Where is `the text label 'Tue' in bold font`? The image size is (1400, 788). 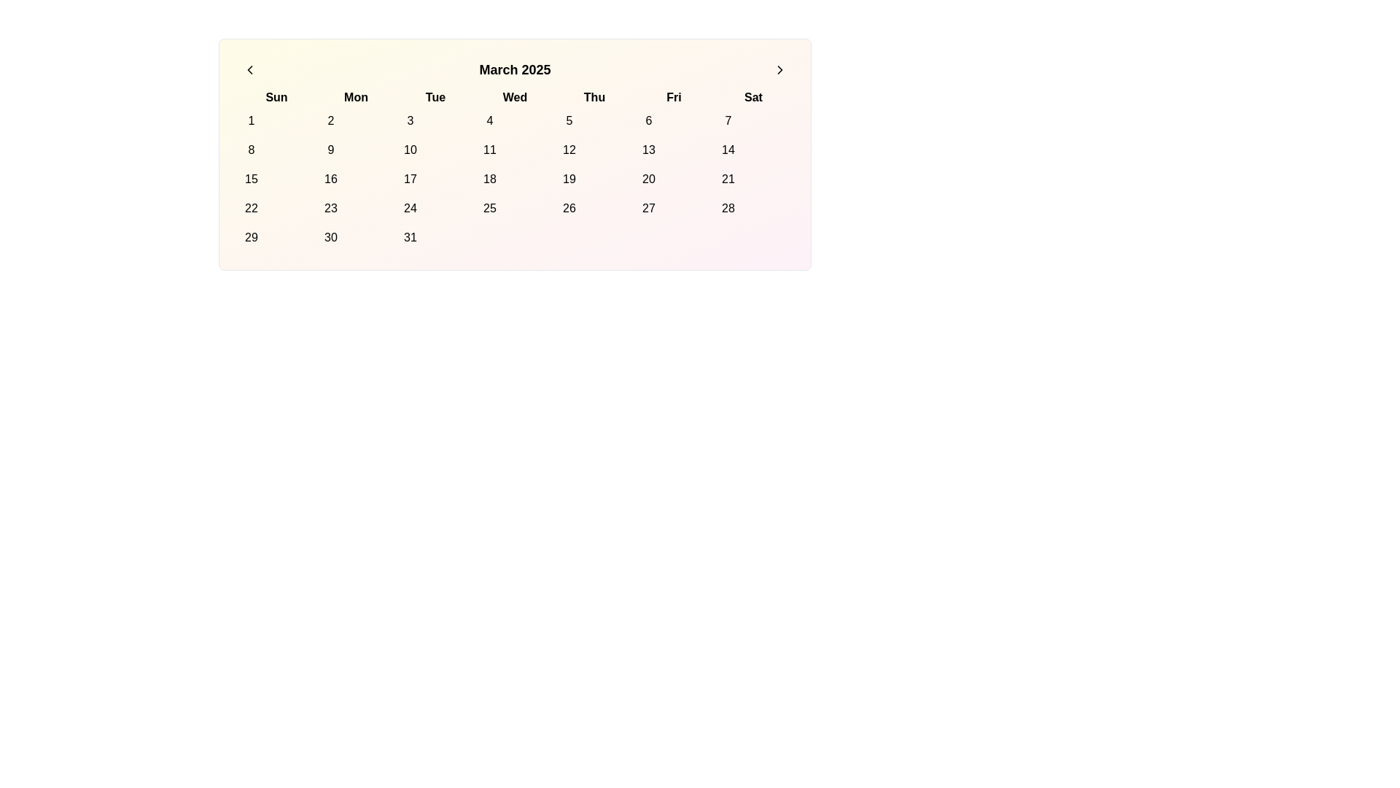 the text label 'Tue' in bold font is located at coordinates (435, 98).